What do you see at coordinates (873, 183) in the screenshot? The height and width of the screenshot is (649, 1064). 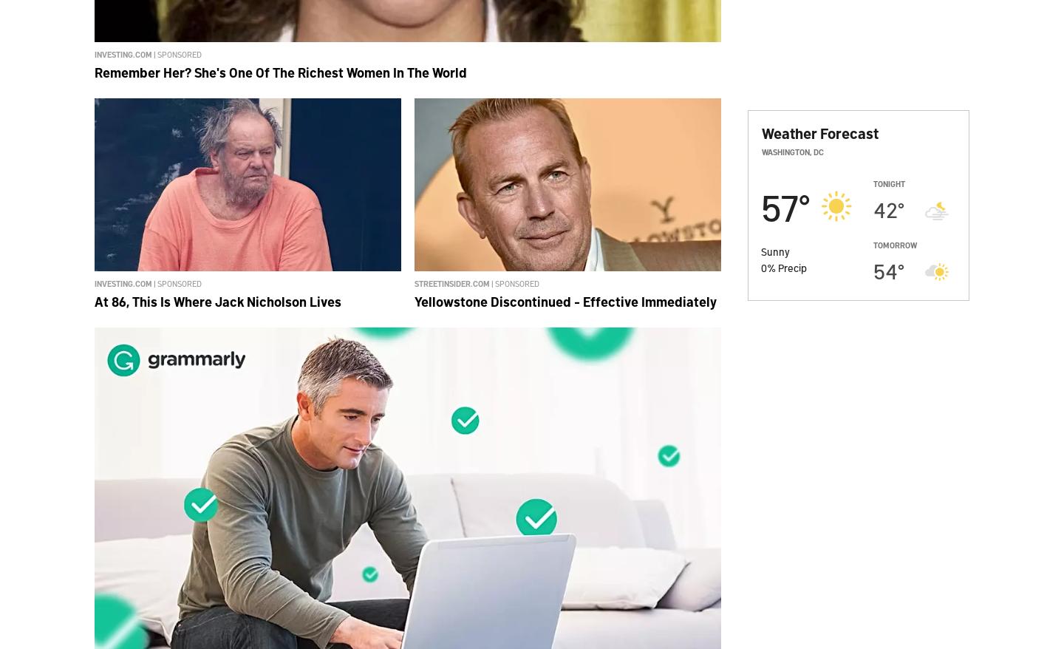 I see `'Tonight'` at bounding box center [873, 183].